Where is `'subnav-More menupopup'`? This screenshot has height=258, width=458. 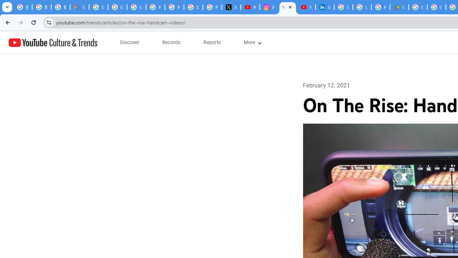
'subnav-More menupopup' is located at coordinates (252, 42).